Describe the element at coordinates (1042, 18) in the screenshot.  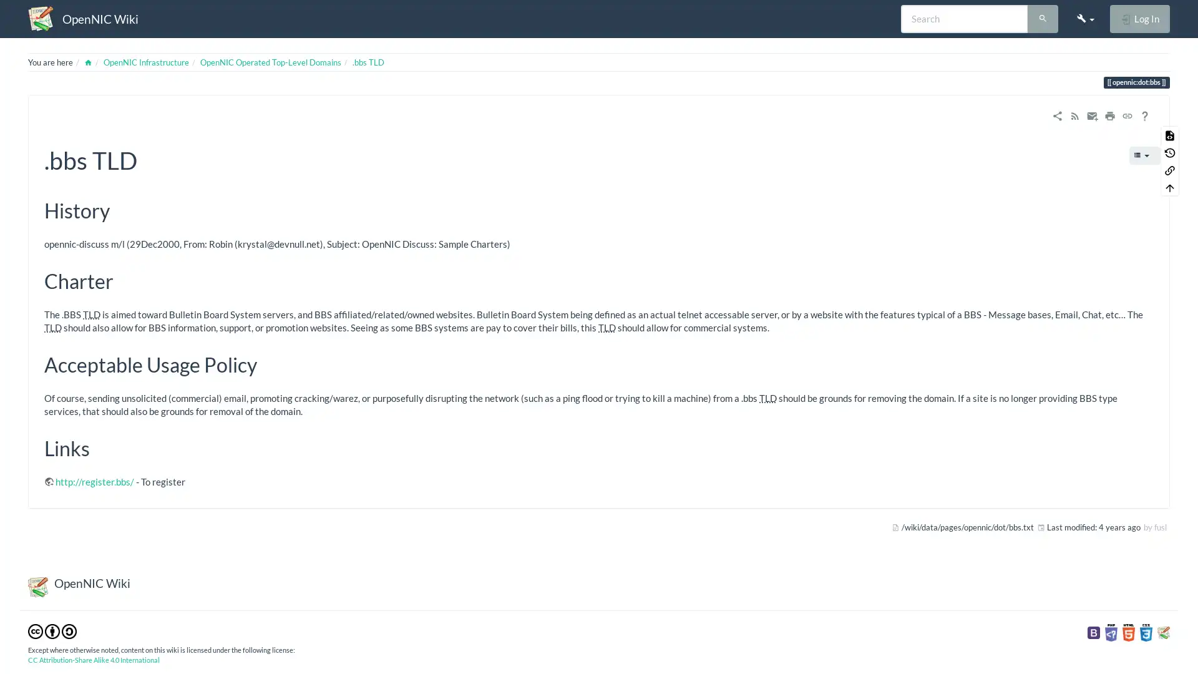
I see `Search` at that location.